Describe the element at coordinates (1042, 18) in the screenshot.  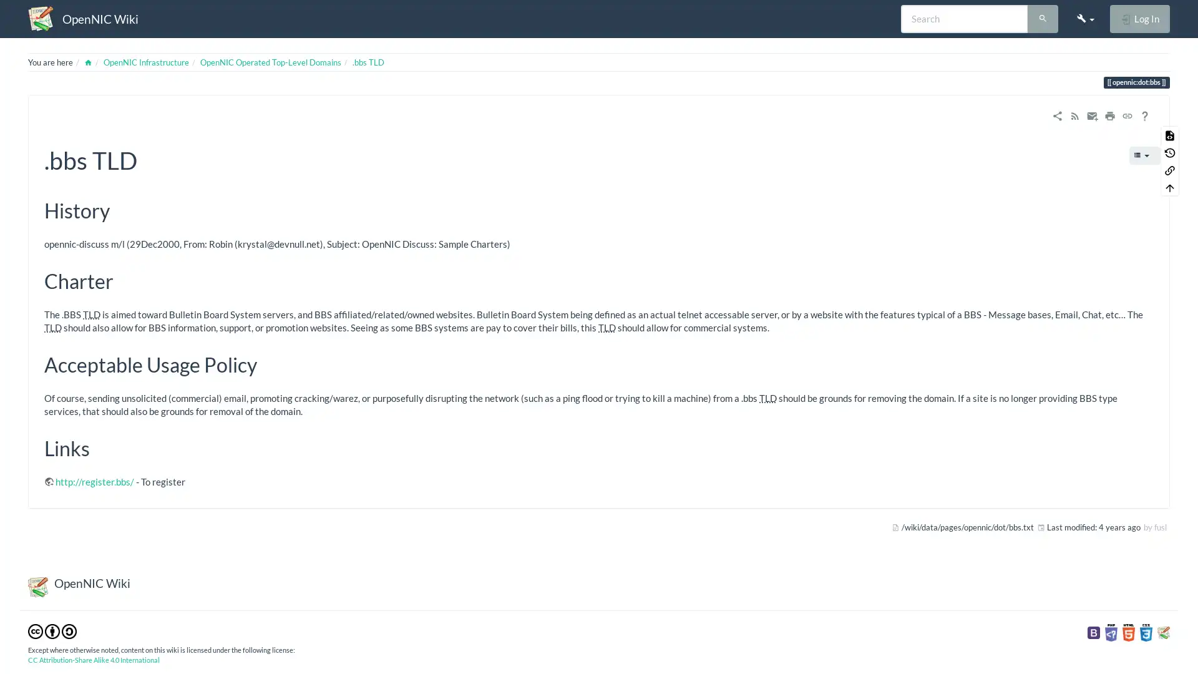
I see `Search` at that location.